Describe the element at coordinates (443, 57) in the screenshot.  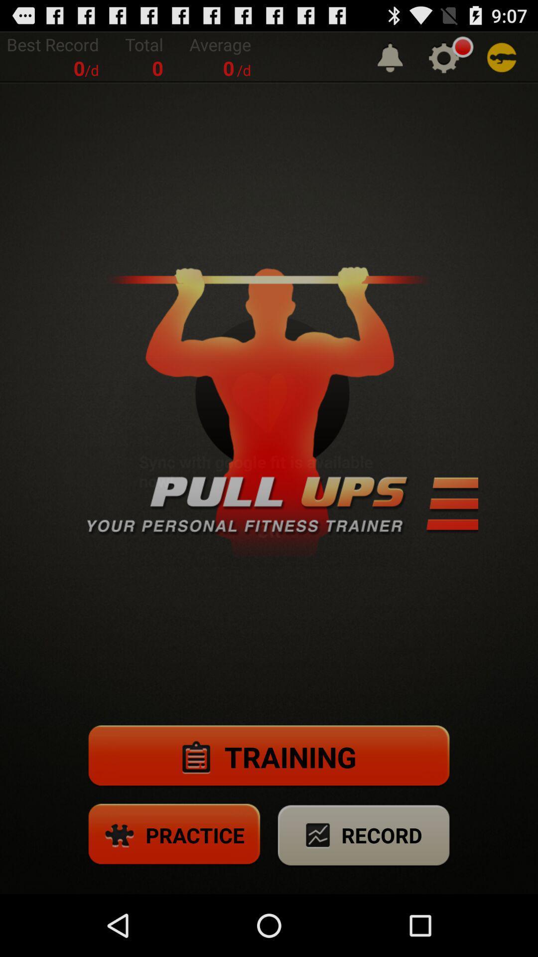
I see `click for settings` at that location.